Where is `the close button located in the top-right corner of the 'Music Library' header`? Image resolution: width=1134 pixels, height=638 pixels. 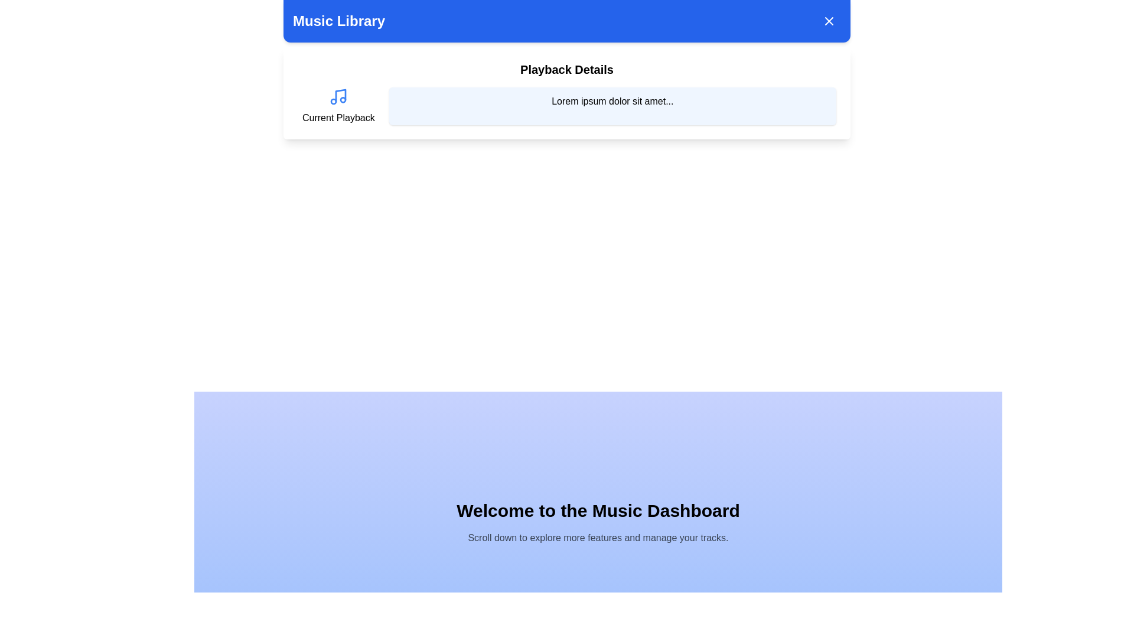
the close button located in the top-right corner of the 'Music Library' header is located at coordinates (828, 21).